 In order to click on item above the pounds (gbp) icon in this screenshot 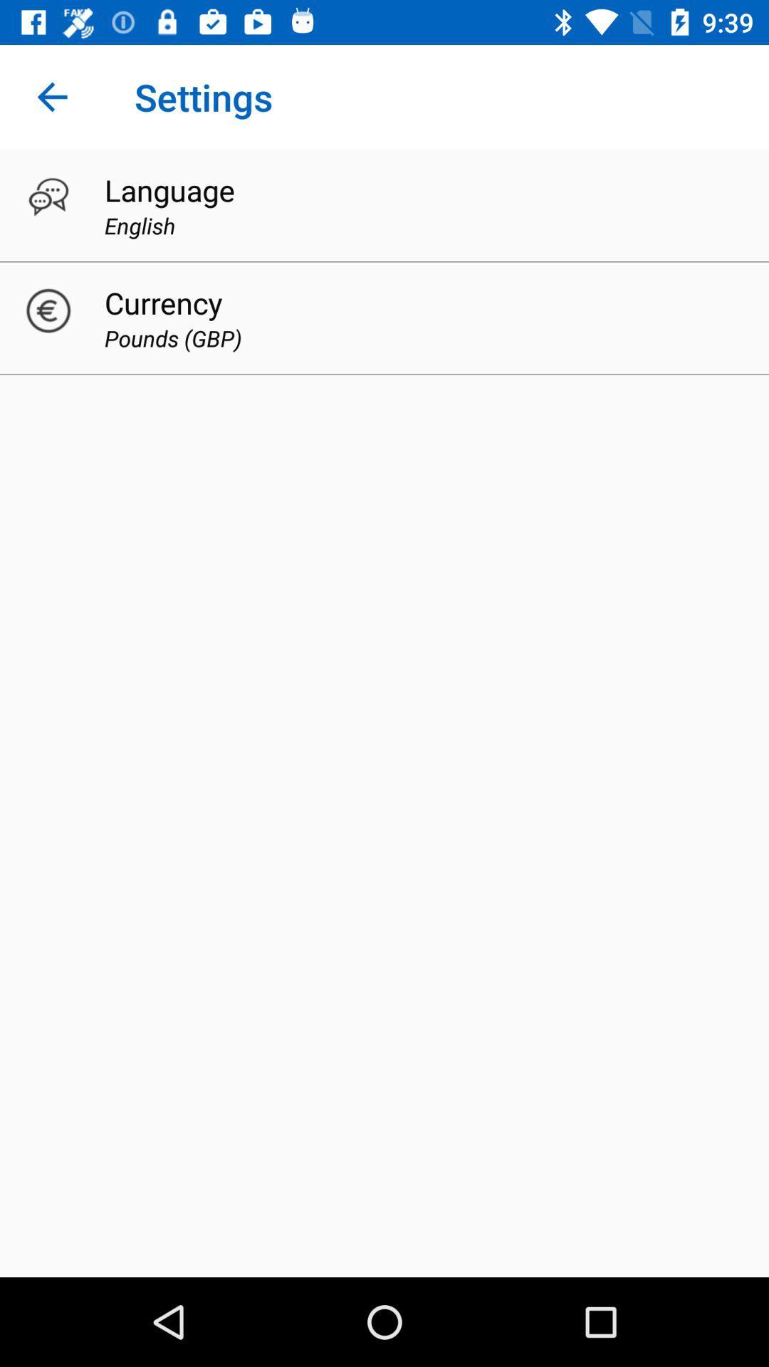, I will do `click(162, 302)`.